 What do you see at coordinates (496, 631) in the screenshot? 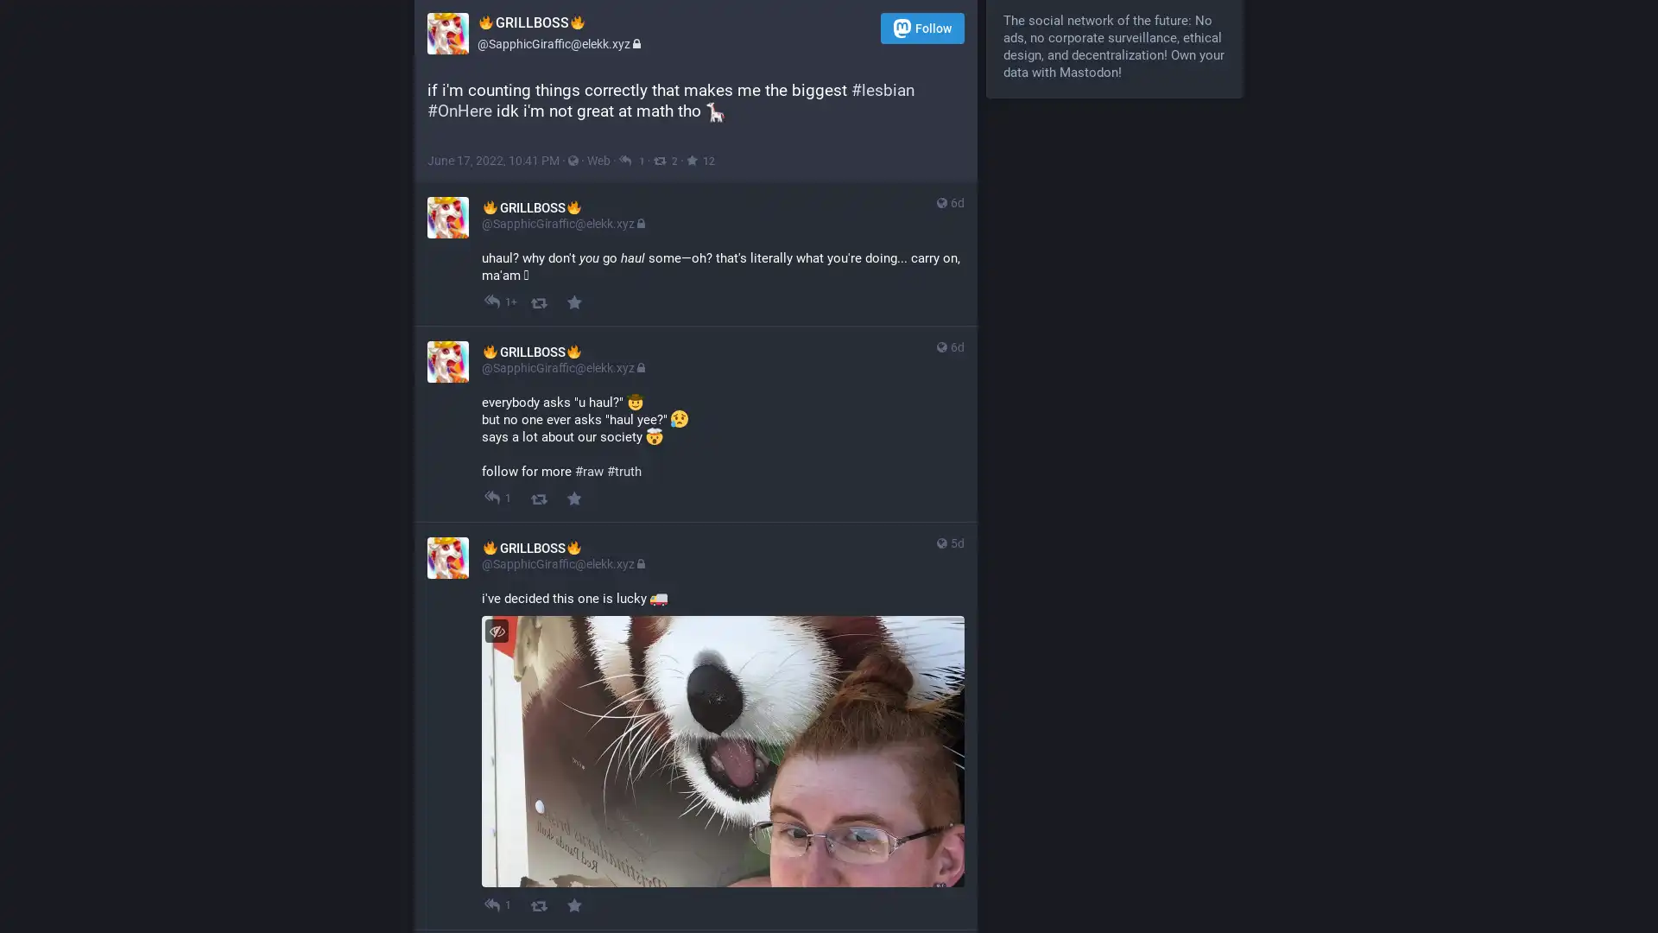
I see `Hide image` at bounding box center [496, 631].